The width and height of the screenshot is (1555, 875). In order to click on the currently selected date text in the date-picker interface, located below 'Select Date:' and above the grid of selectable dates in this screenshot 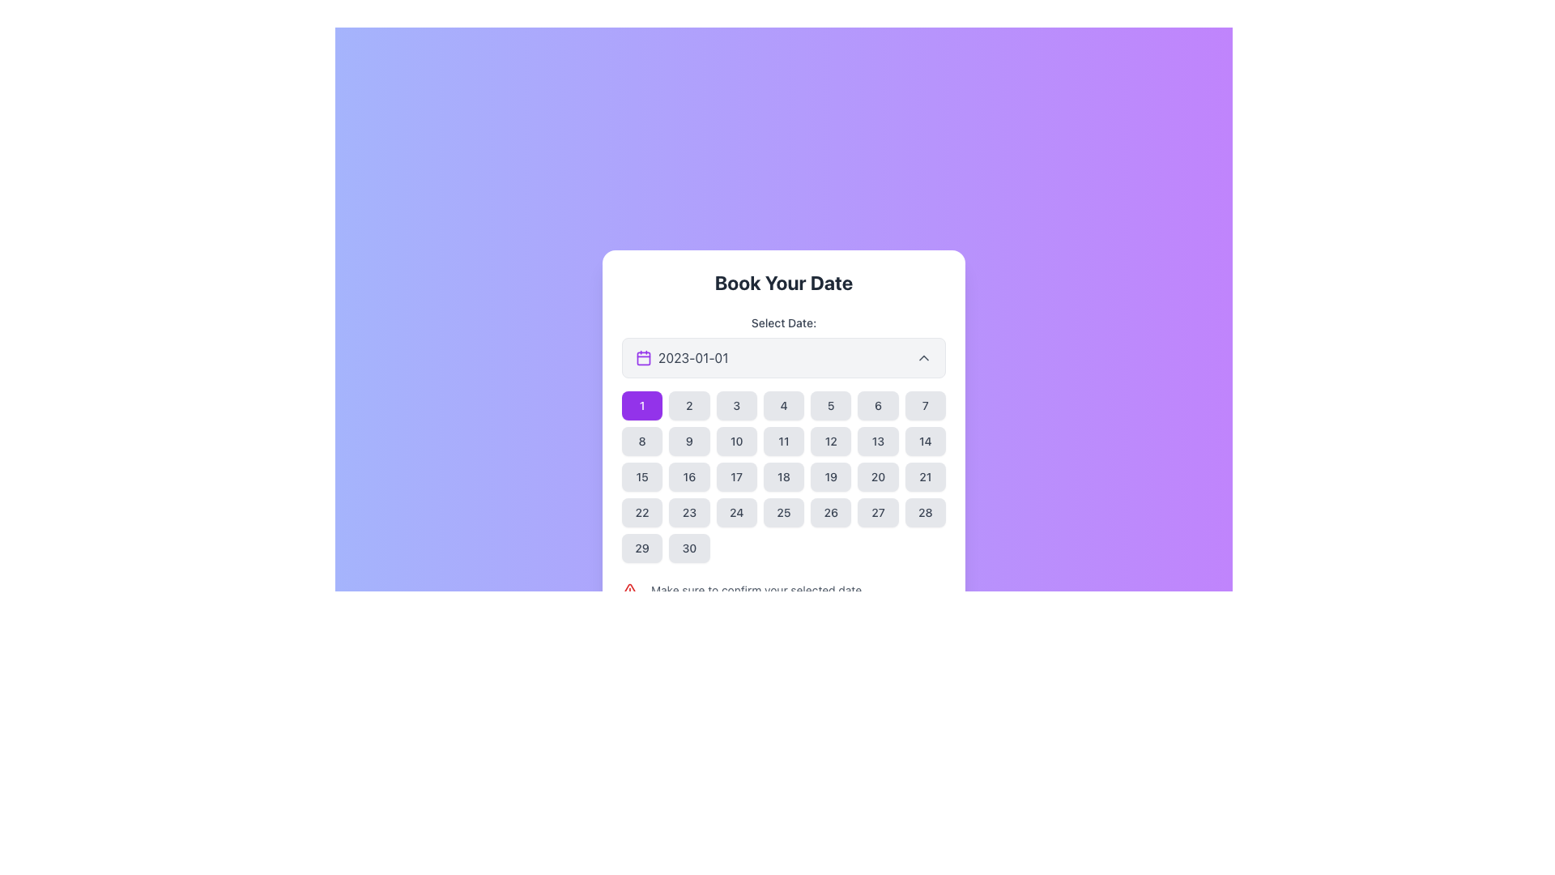, I will do `click(693, 357)`.